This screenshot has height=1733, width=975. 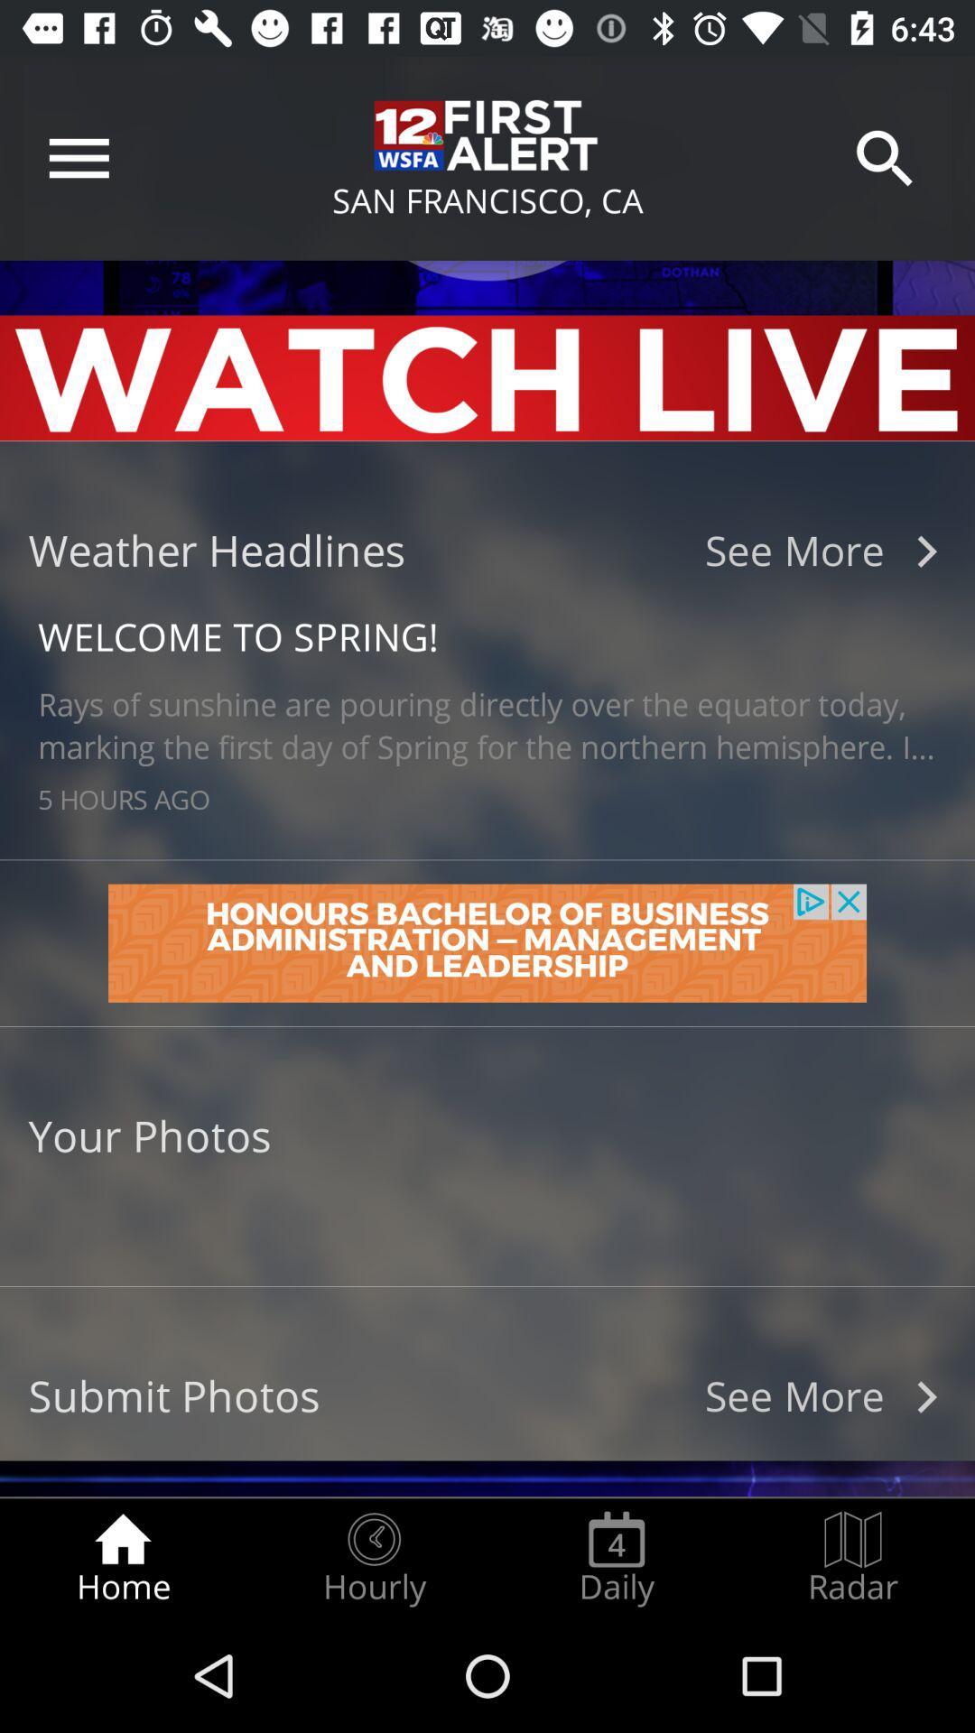 What do you see at coordinates (853, 1558) in the screenshot?
I see `icon to the right of daily item` at bounding box center [853, 1558].